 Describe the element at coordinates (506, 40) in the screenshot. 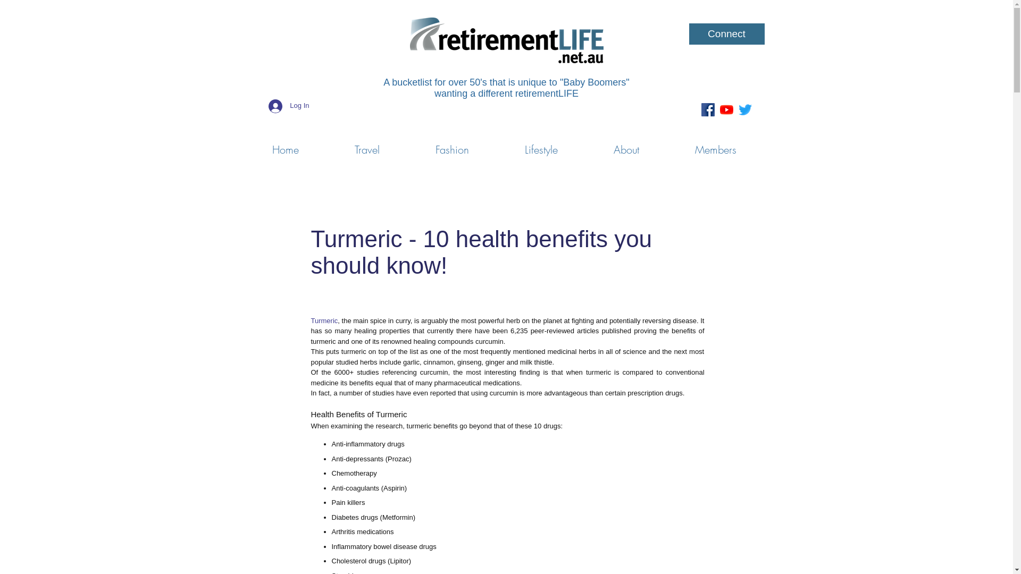

I see `'Retirement-Life-Logo_rgb_web-744x176.png'` at that location.